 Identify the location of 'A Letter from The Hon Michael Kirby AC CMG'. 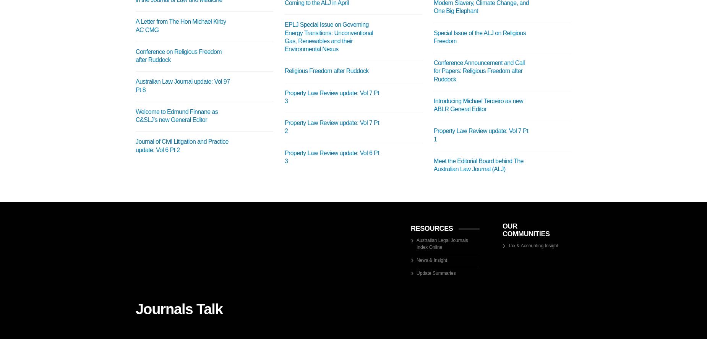
(181, 25).